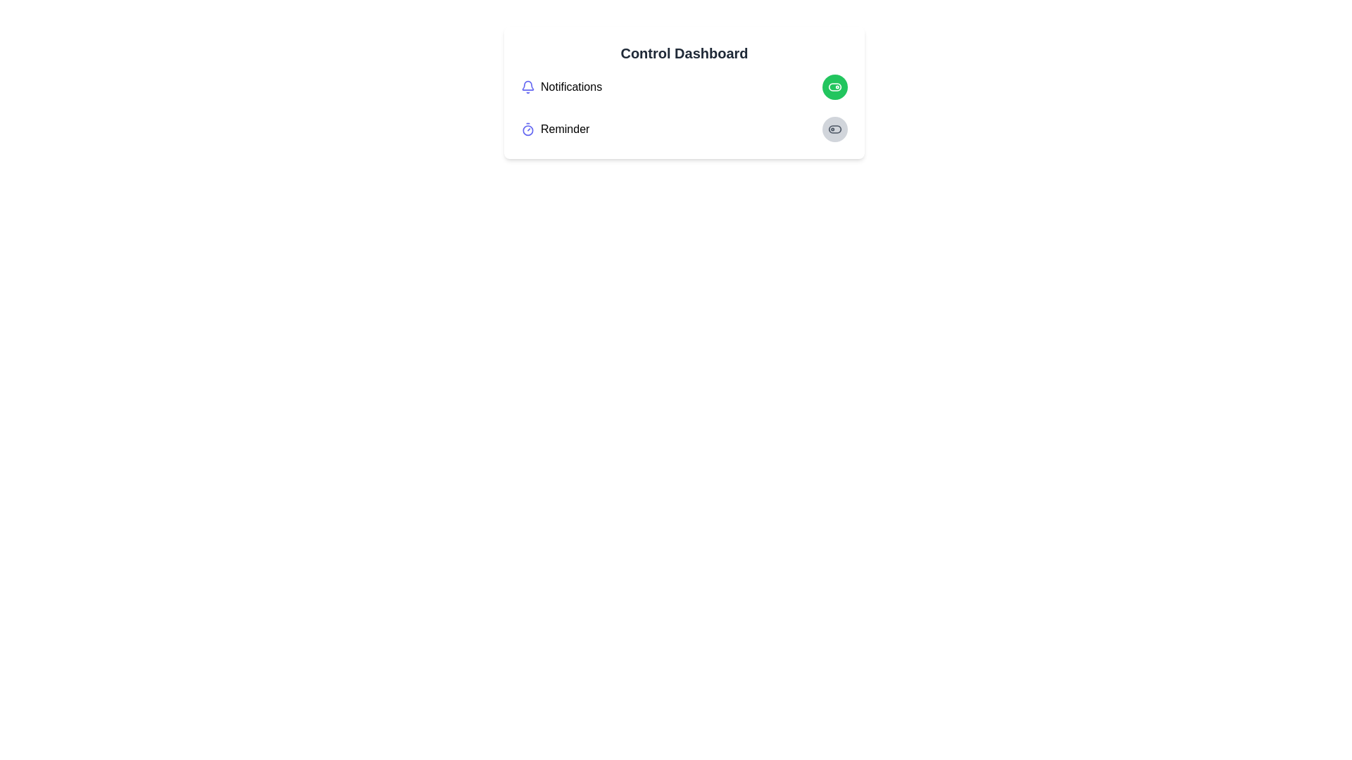  What do you see at coordinates (571, 87) in the screenshot?
I see `the Text Label that serves as a title for notifications, located to the right of the bell icon and above the 'Reminder' text` at bounding box center [571, 87].